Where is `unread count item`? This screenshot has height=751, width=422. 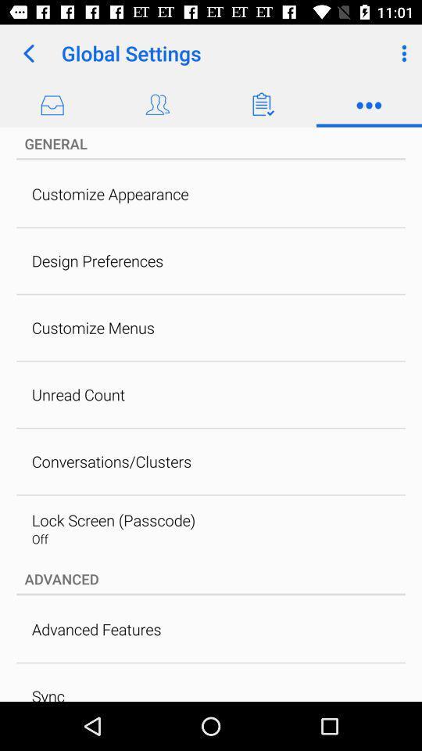
unread count item is located at coordinates (77, 393).